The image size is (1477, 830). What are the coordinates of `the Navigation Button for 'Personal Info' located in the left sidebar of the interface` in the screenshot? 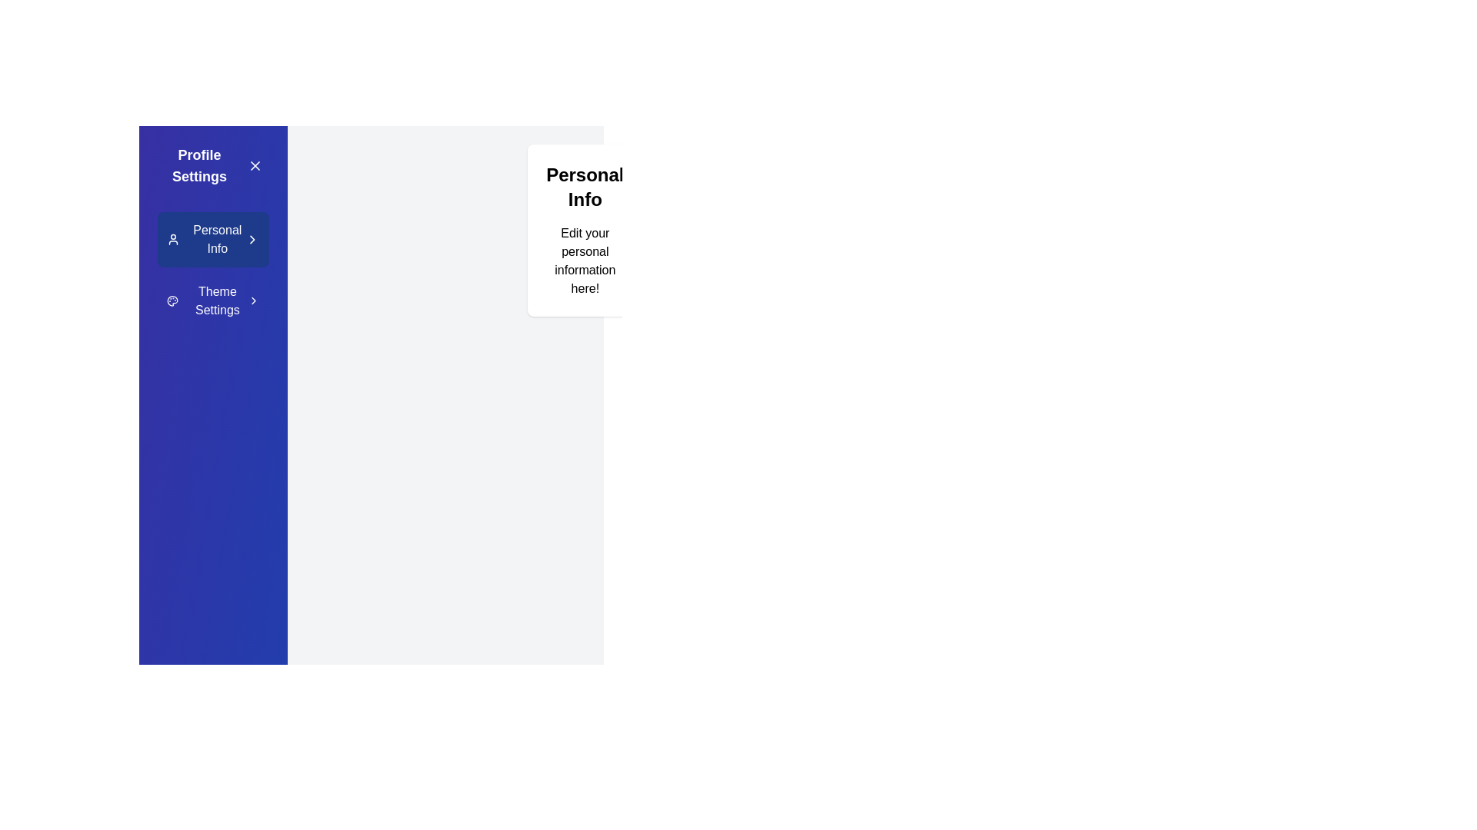 It's located at (216, 240).